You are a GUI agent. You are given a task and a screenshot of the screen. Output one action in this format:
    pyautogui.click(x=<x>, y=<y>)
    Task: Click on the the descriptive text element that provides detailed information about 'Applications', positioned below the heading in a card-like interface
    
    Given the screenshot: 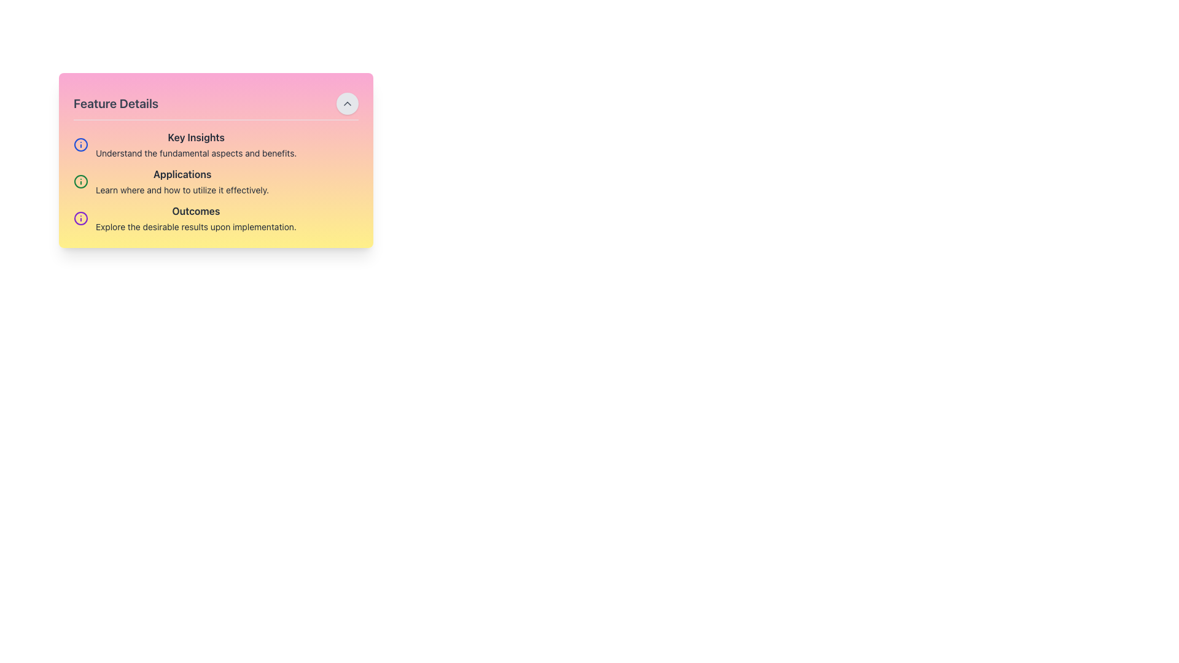 What is the action you would take?
    pyautogui.click(x=182, y=190)
    